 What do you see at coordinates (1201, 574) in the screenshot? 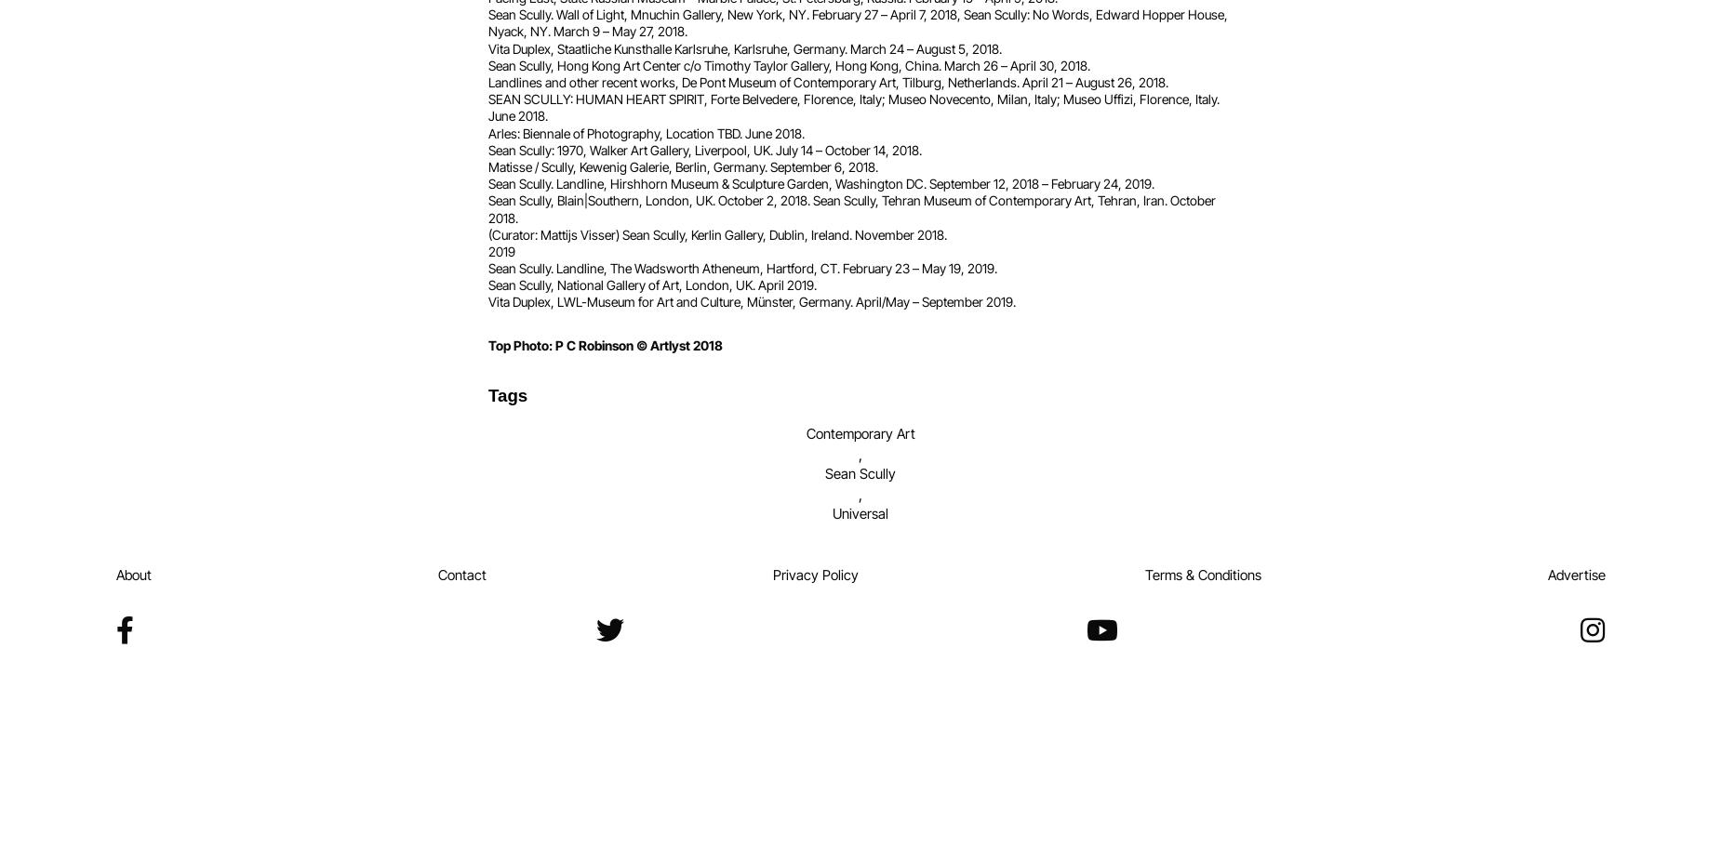
I see `'Terms & Conditions'` at bounding box center [1201, 574].